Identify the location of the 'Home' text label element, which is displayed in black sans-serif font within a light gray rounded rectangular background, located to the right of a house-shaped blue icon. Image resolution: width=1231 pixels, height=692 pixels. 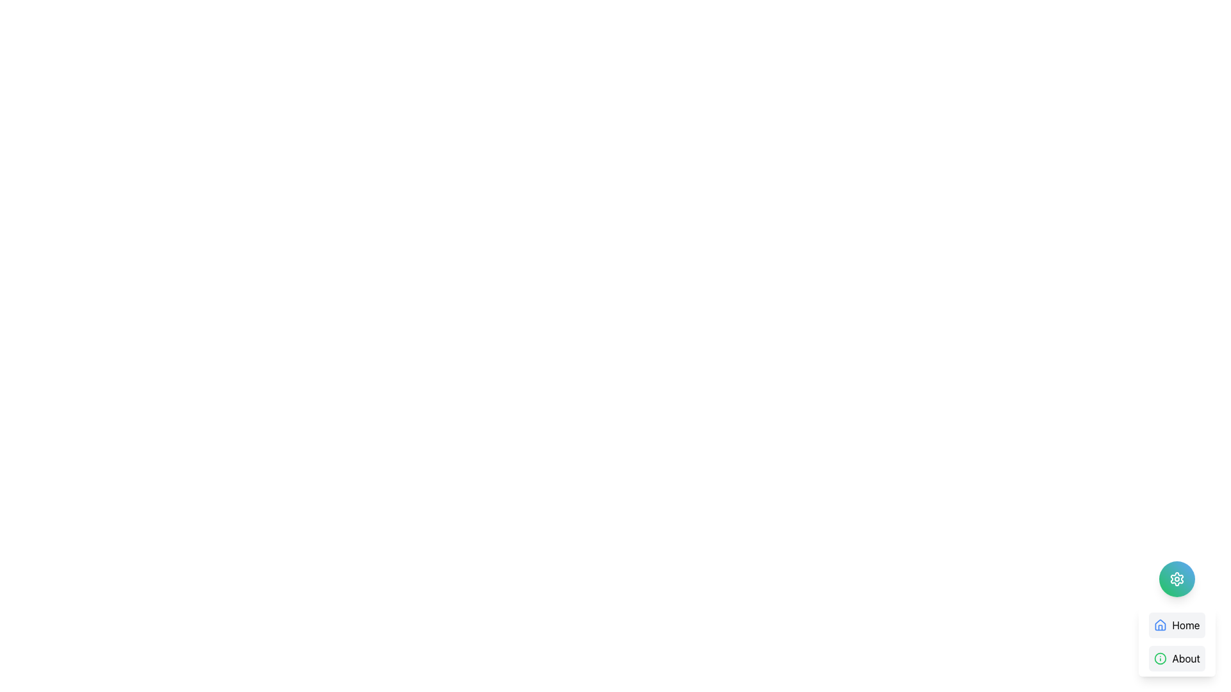
(1185, 624).